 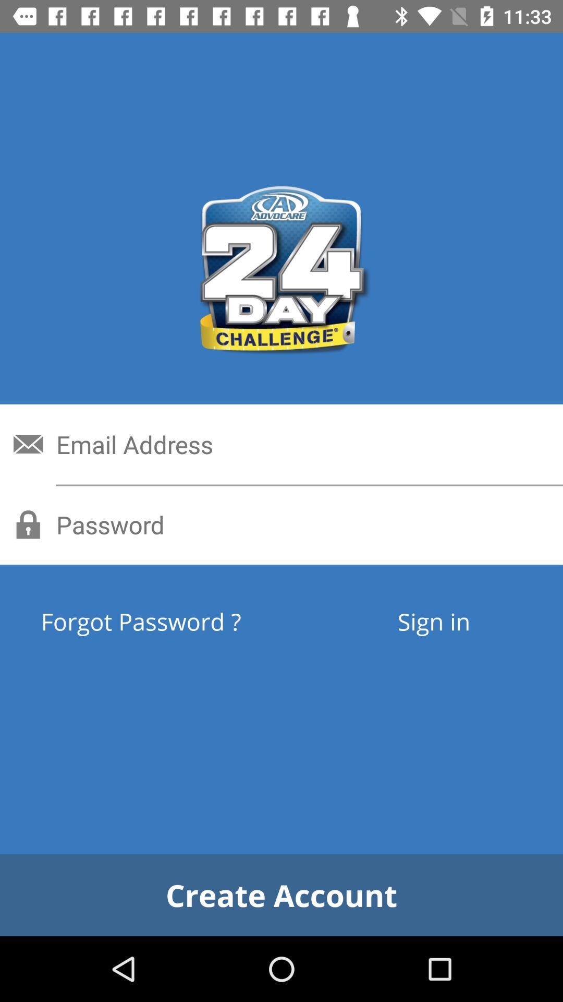 I want to click on icon above the create account icon, so click(x=434, y=621).